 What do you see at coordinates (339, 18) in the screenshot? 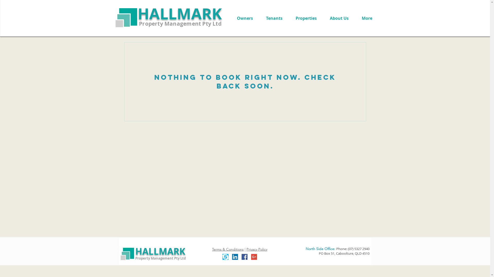
I see `'About Us'` at bounding box center [339, 18].